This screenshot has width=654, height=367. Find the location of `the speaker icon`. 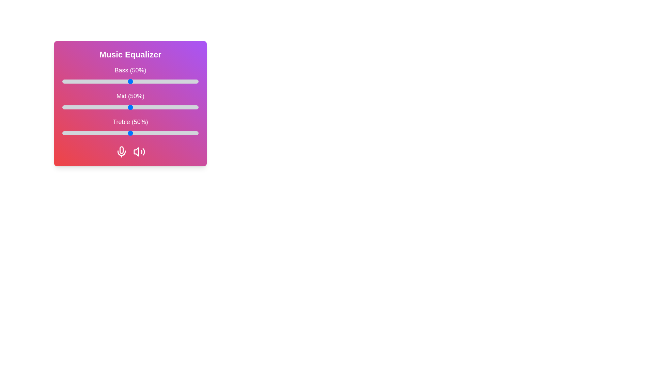

the speaker icon is located at coordinates (139, 152).